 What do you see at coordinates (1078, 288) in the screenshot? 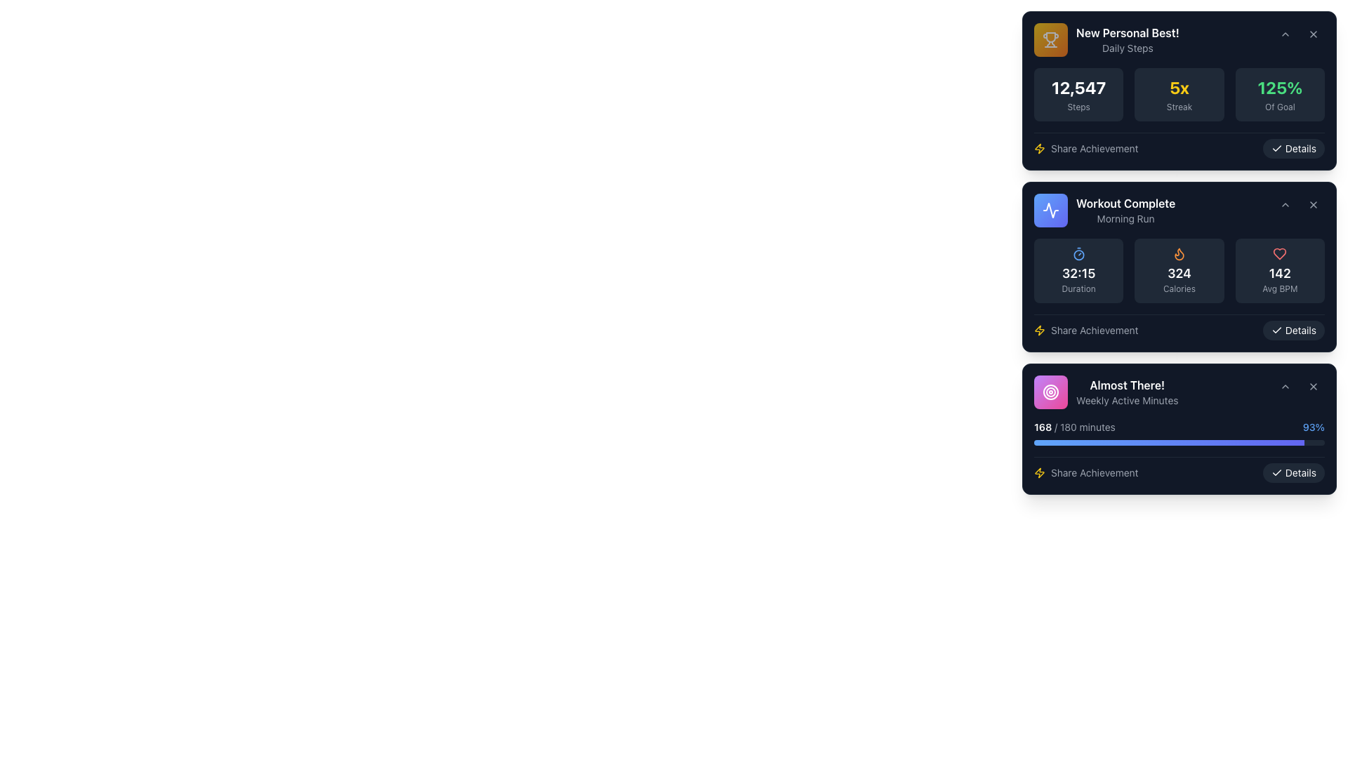
I see `the static text label that provides context for the time information '32:15', located in the second card from the top, directly beneath the bold text '32:15' and centered horizontally` at bounding box center [1078, 288].